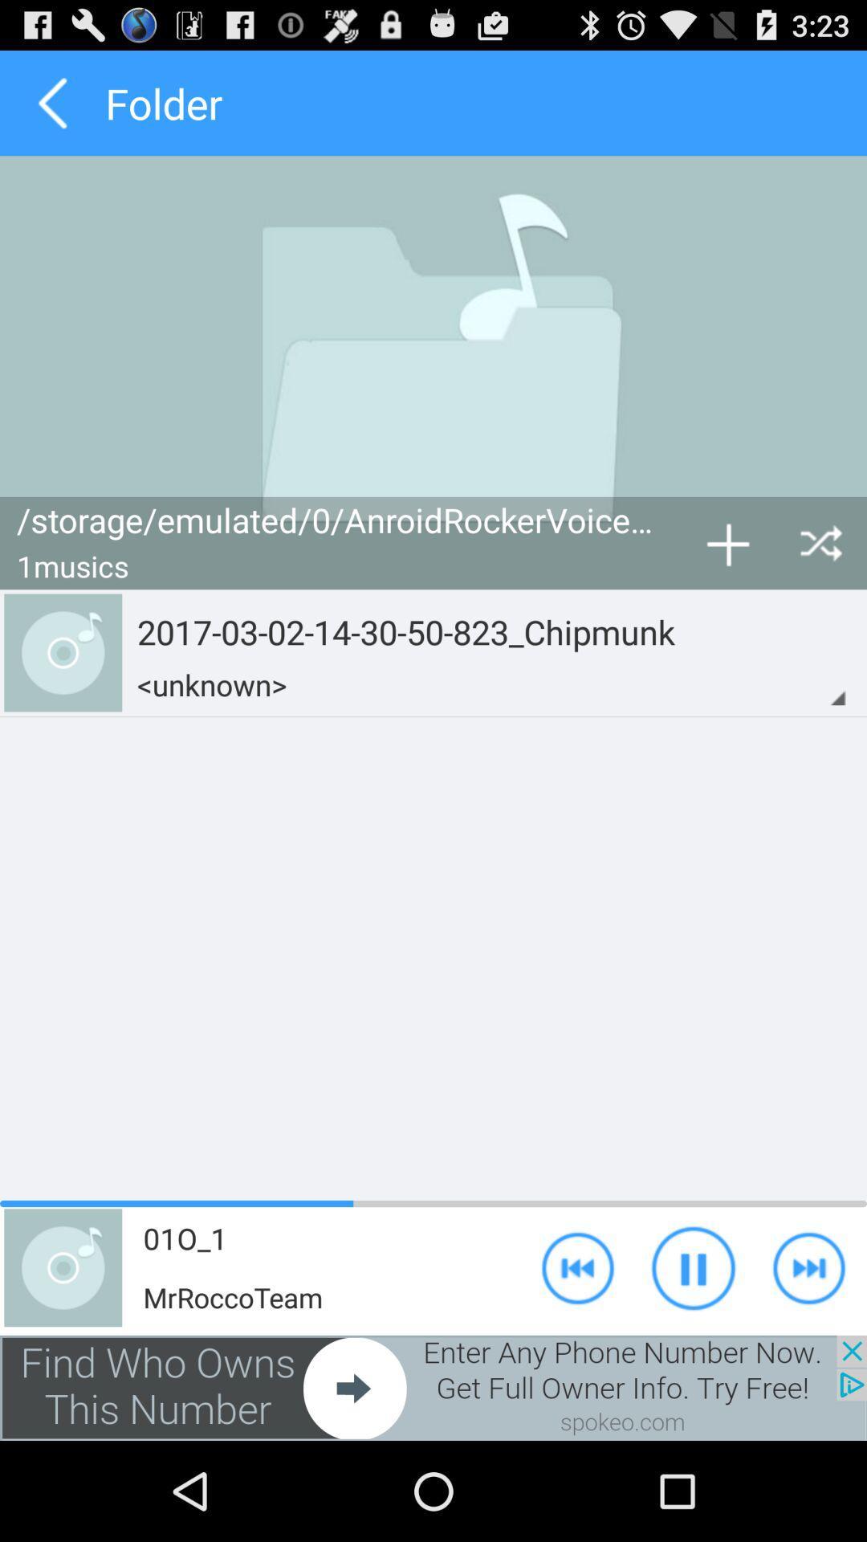 The width and height of the screenshot is (867, 1542). What do you see at coordinates (693, 1267) in the screenshot?
I see `the play icon button` at bounding box center [693, 1267].